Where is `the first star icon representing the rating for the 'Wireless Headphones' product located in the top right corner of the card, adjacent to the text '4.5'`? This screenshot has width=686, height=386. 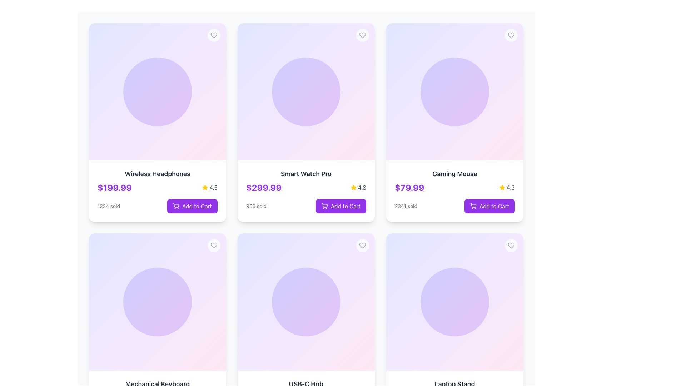
the first star icon representing the rating for the 'Wireless Headphones' product located in the top right corner of the card, adjacent to the text '4.5' is located at coordinates (205, 187).